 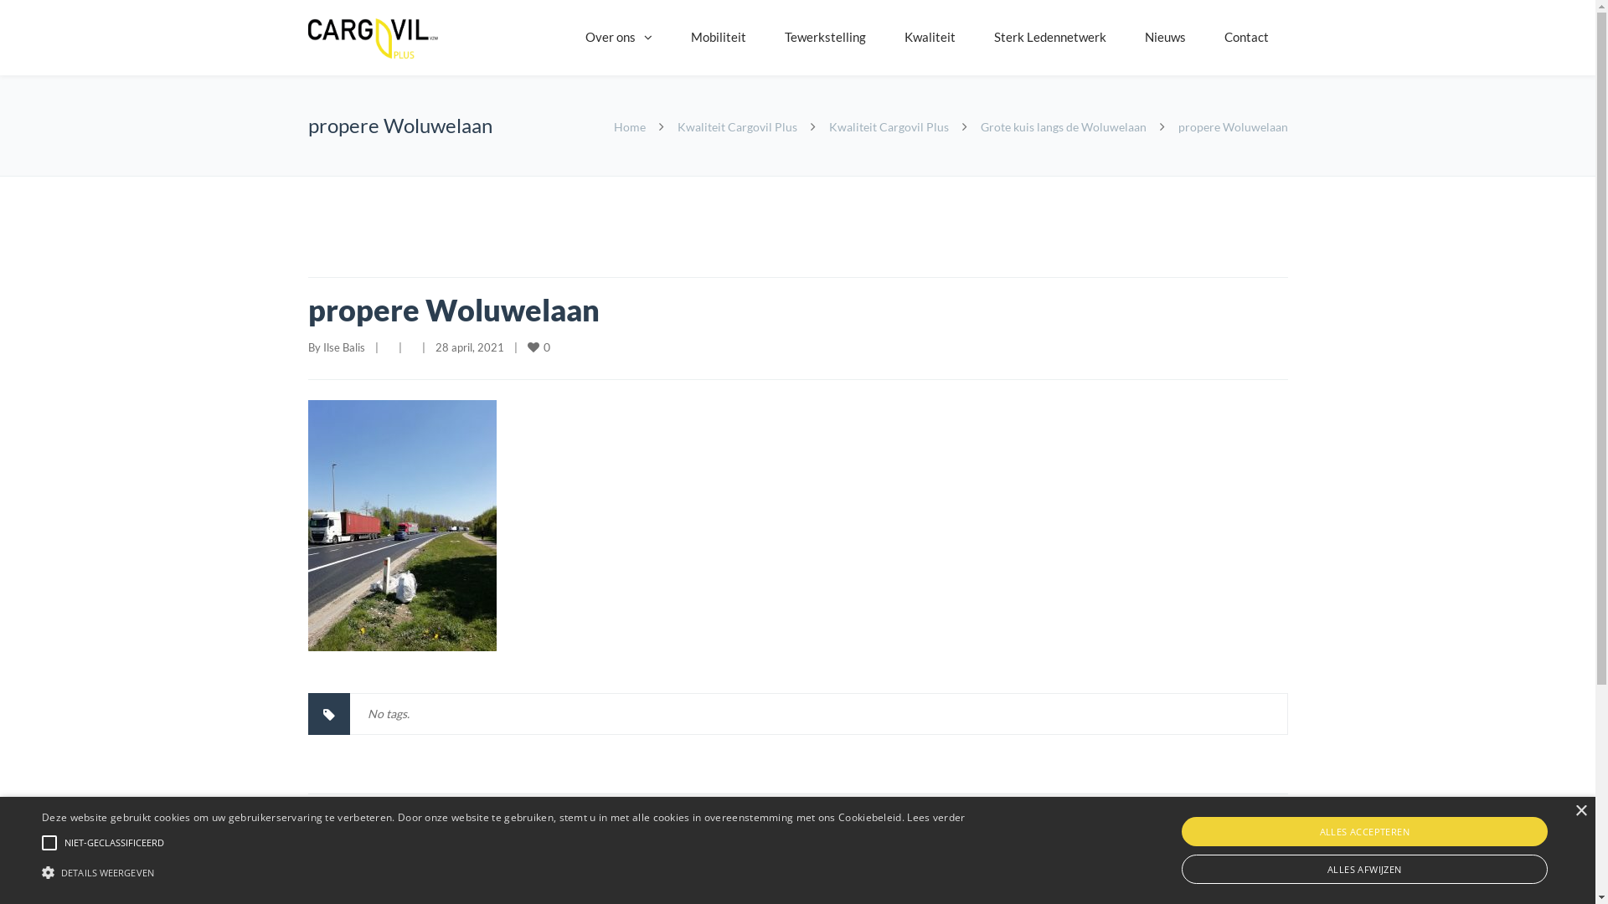 I want to click on 'Sterk Ledennetwerk', so click(x=1049, y=38).